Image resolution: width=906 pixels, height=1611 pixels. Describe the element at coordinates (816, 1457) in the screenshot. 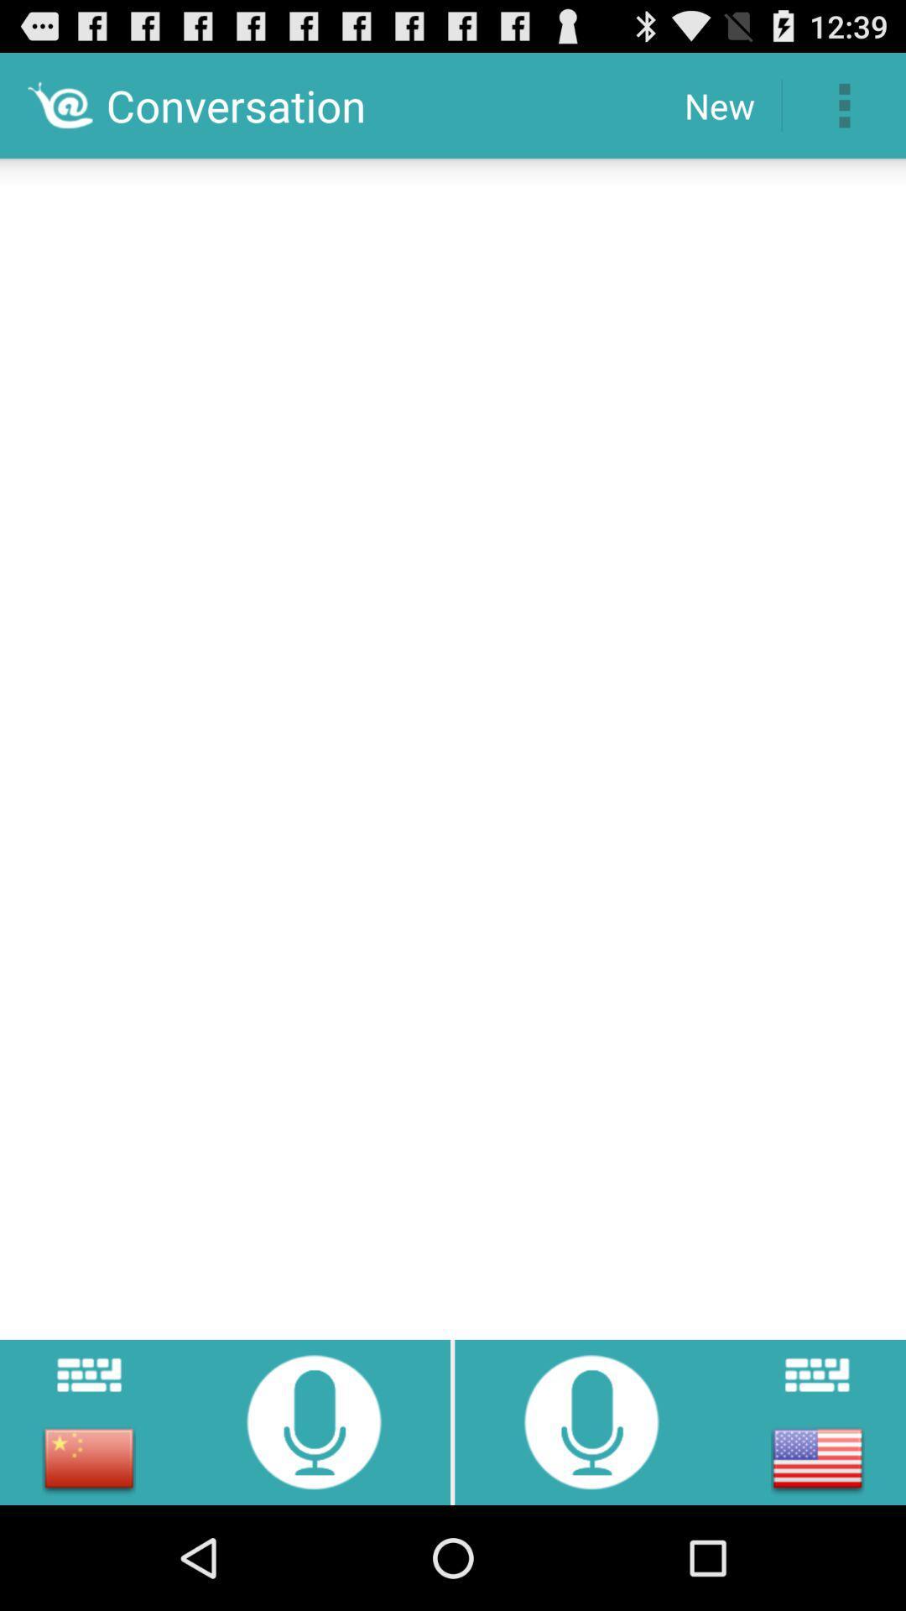

I see `chane input language` at that location.